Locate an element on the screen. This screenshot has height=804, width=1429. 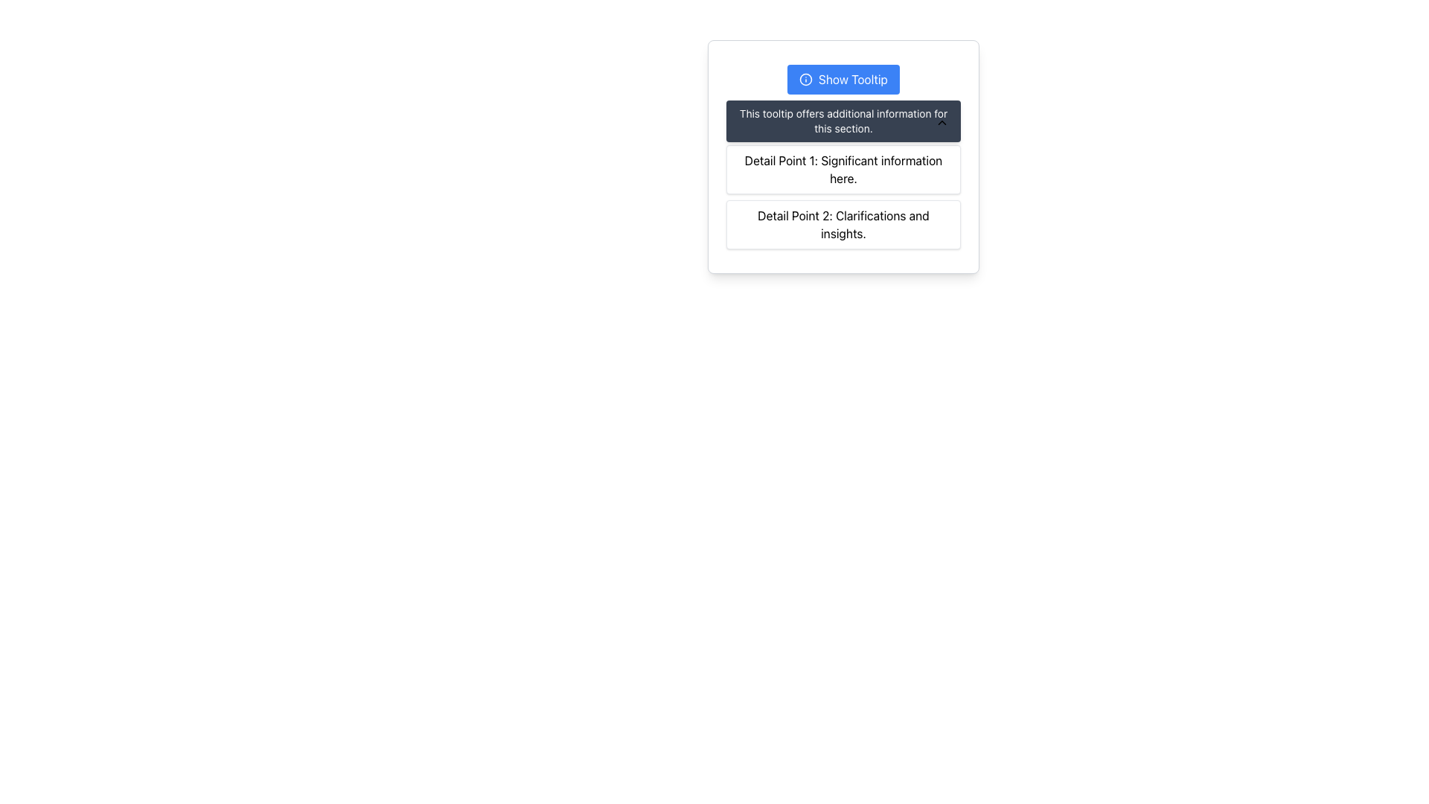
the graphical circle in the information icon located next to the text 'Show Tooltip' is located at coordinates (805, 80).